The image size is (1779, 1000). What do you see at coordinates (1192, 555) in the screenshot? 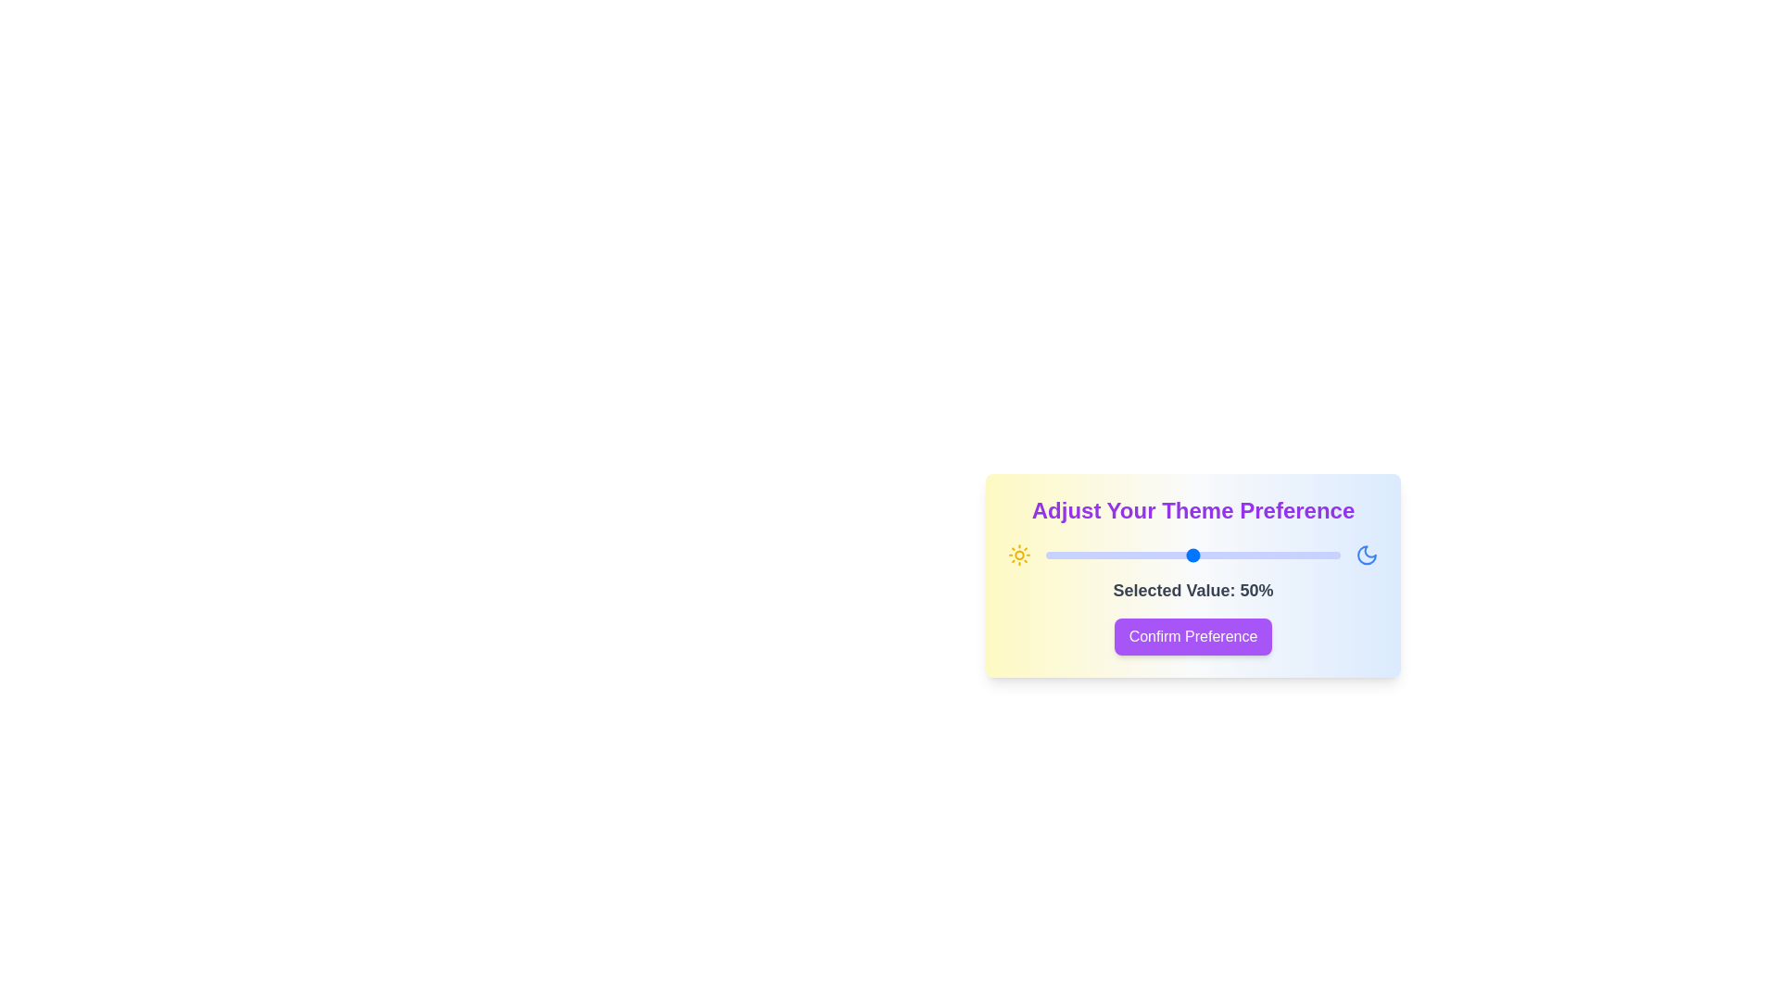
I see `the slider for adjusting theme preference, which is located in the 'Adjust Your Theme Preference' card, centrally positioned below the title and above the 'Selected Value: 50%' label` at bounding box center [1192, 555].